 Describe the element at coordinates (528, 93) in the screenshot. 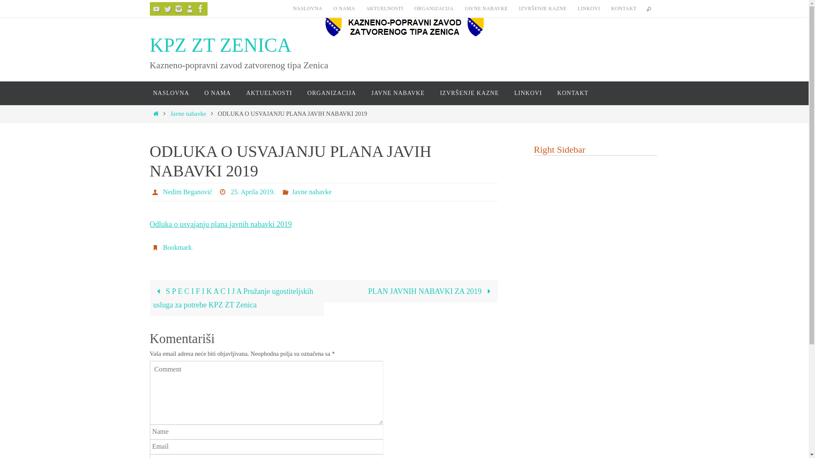

I see `'LINKOVI'` at that location.